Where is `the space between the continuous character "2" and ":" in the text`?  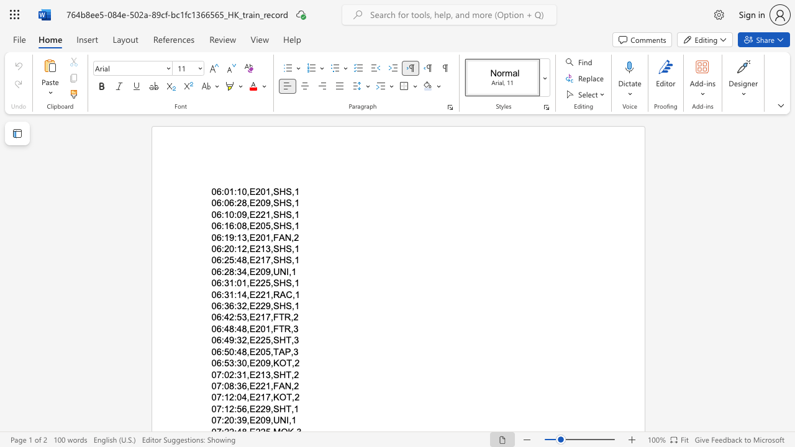 the space between the continuous character "2" and ":" in the text is located at coordinates (234, 397).